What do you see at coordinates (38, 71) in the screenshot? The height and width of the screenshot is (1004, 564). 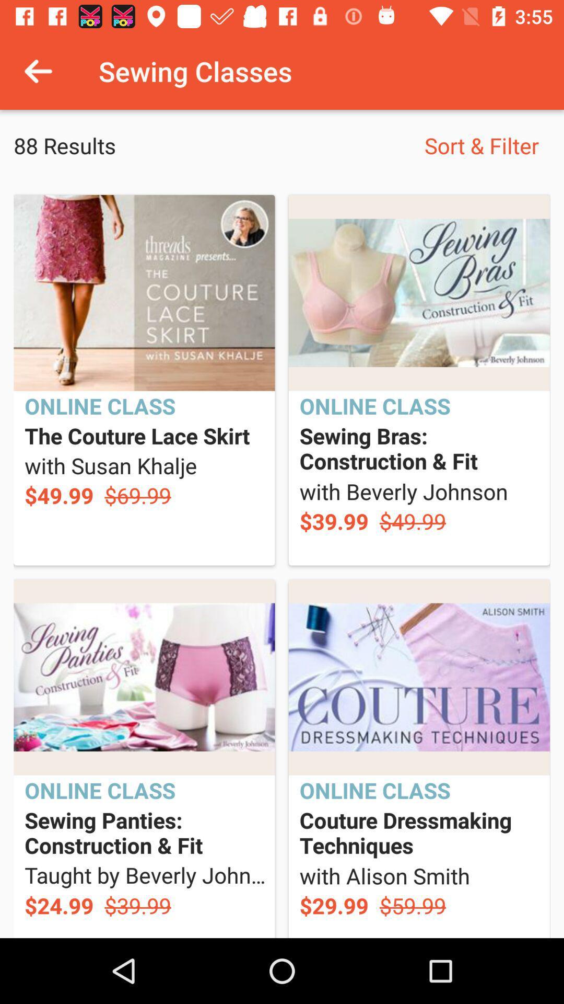 I see `the icon to the left of the sewing classes icon` at bounding box center [38, 71].